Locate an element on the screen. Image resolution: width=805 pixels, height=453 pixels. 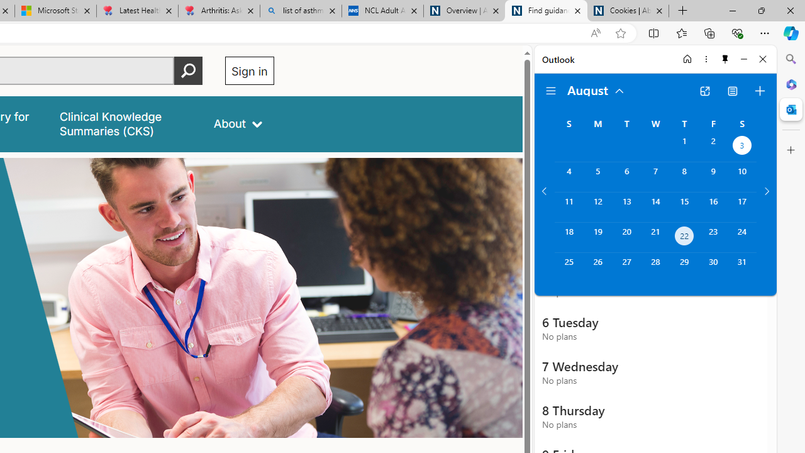
'Cookies | About | NICE' is located at coordinates (628, 11).